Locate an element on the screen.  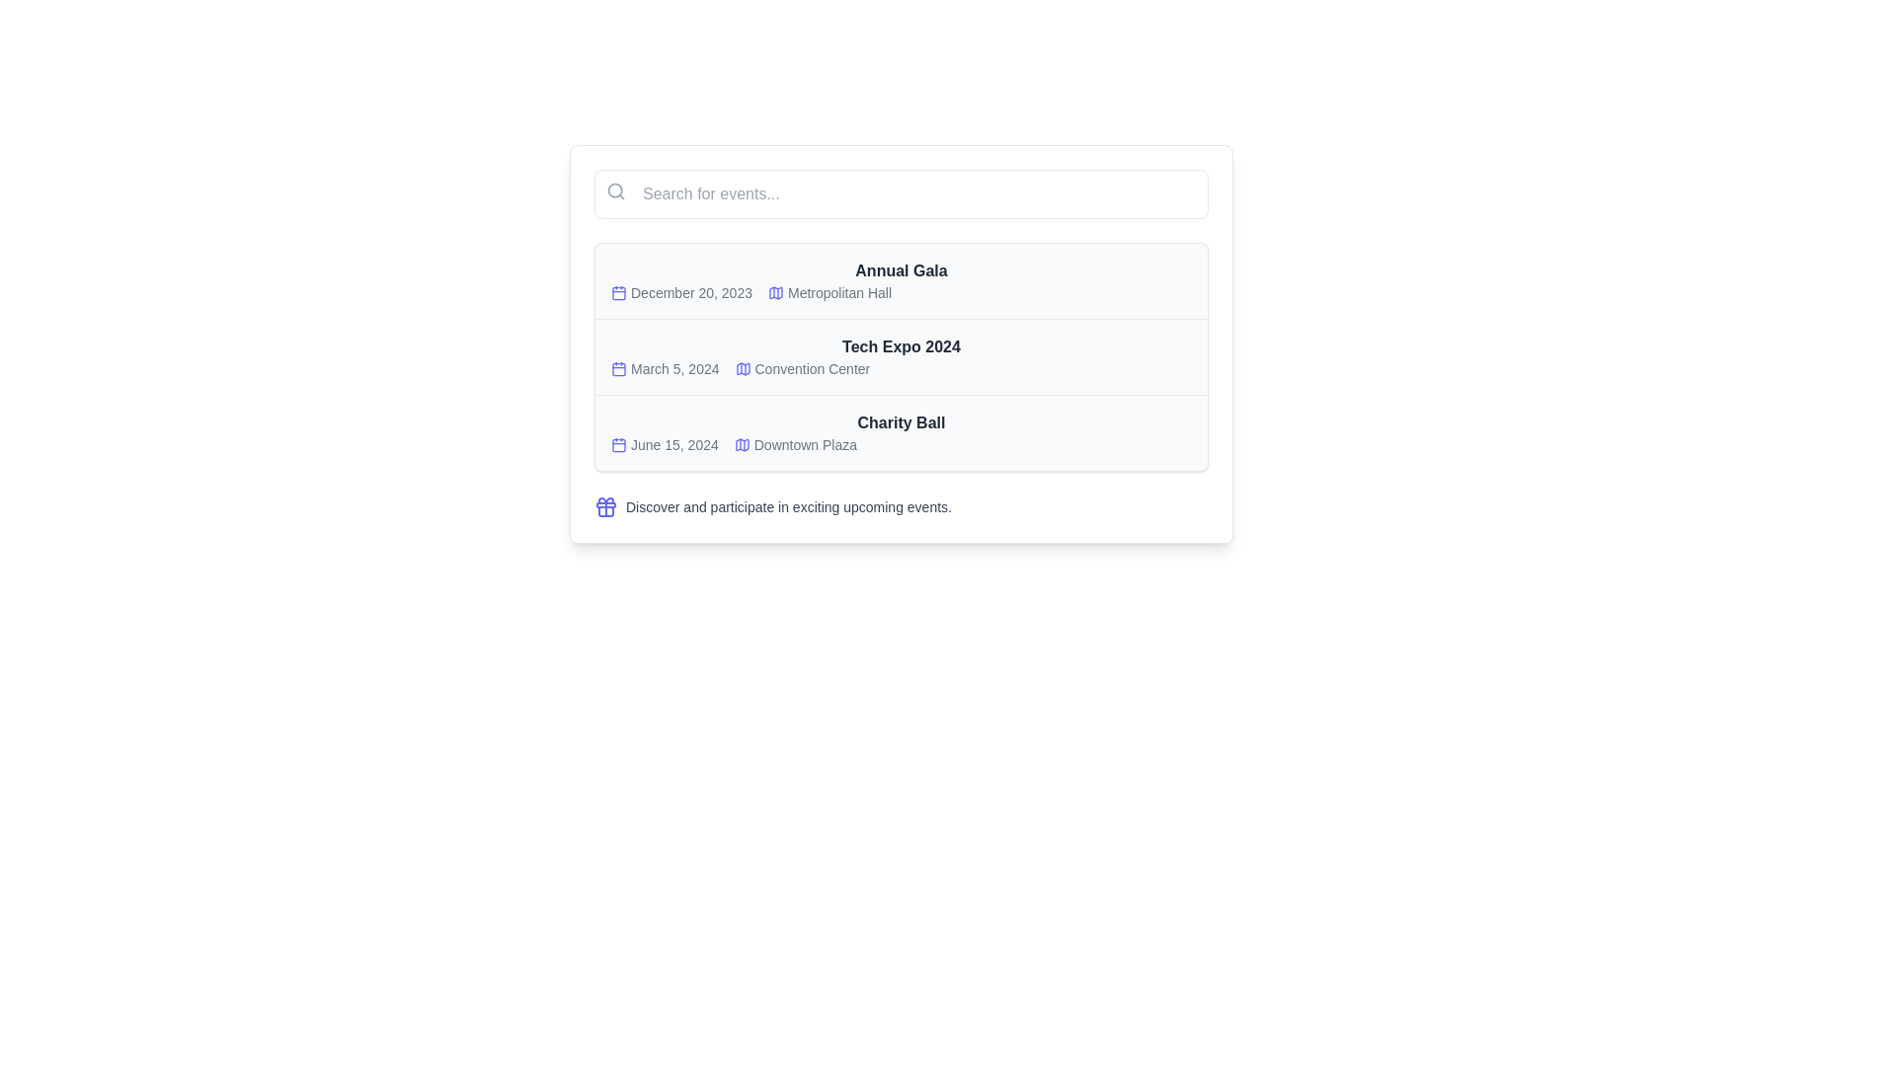
the calendar icon styled with a stroke outline and colored in indigo, located at the beginning of the text 'June 15, 2024' in the third row of events is located at coordinates (618, 445).